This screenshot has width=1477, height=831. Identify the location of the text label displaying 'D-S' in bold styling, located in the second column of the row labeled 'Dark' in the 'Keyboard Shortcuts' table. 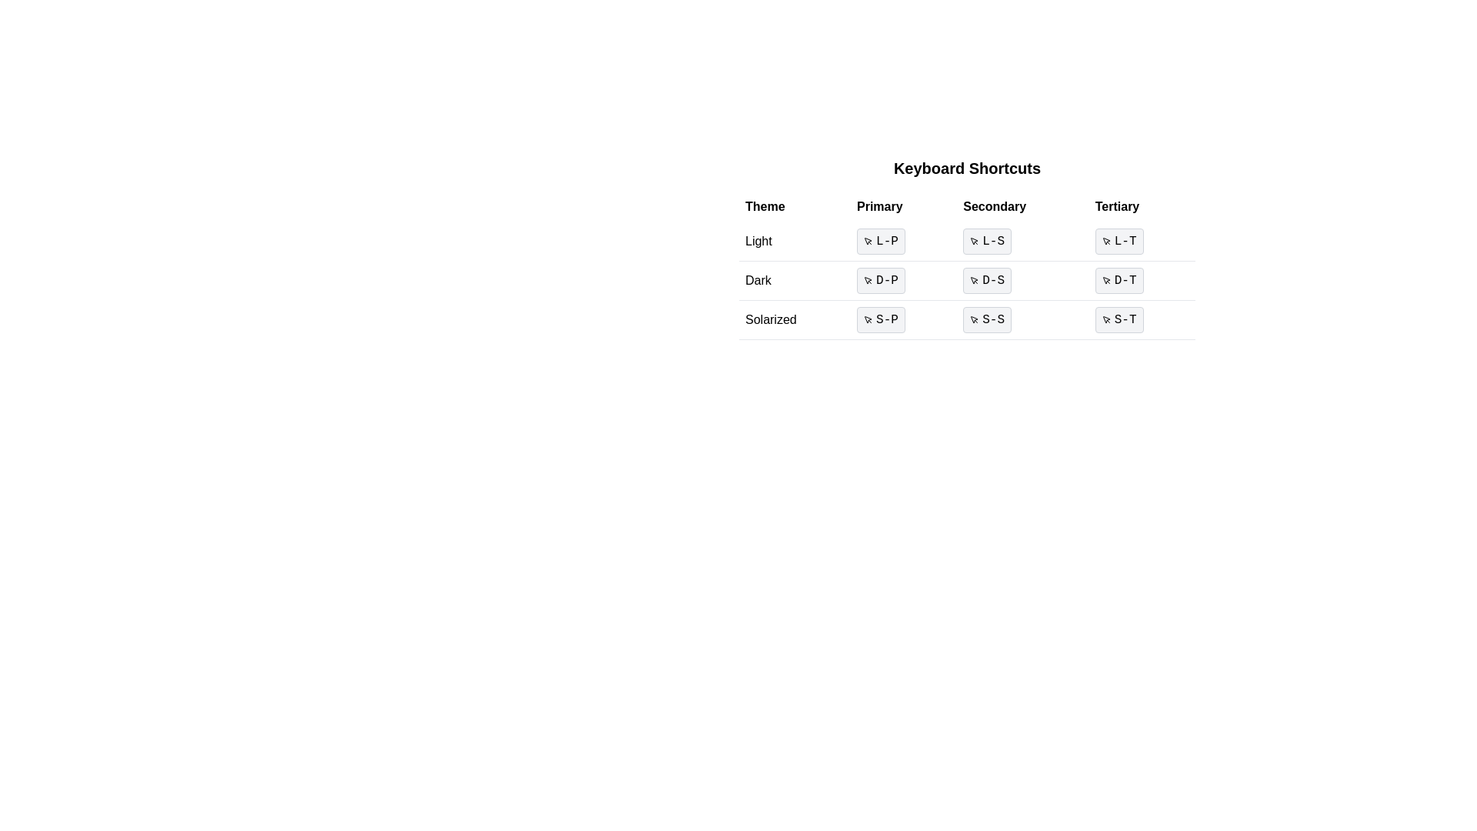
(993, 281).